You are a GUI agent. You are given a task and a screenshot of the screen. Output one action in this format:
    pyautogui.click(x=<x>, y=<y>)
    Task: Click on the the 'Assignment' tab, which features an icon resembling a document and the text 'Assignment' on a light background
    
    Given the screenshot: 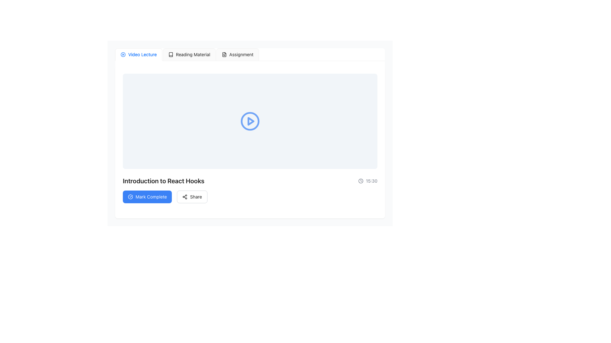 What is the action you would take?
    pyautogui.click(x=237, y=54)
    